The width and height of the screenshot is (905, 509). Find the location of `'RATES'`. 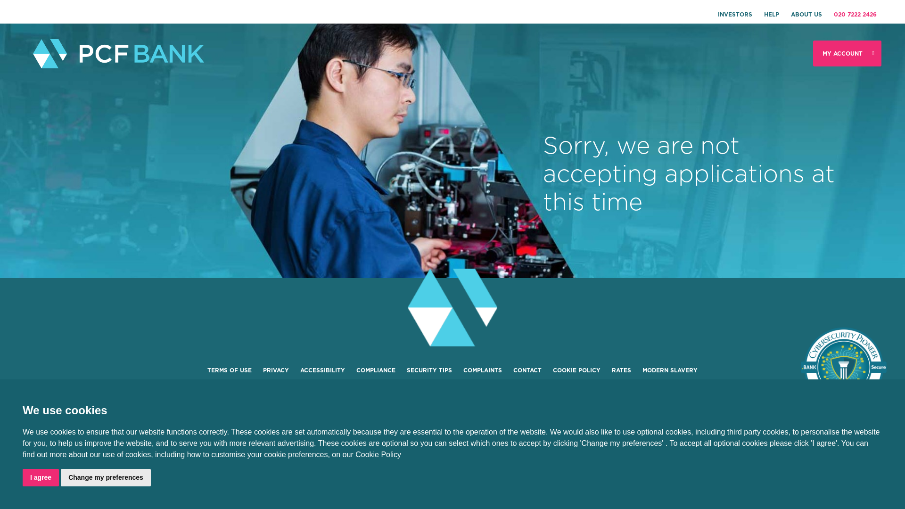

'RATES' is located at coordinates (621, 370).